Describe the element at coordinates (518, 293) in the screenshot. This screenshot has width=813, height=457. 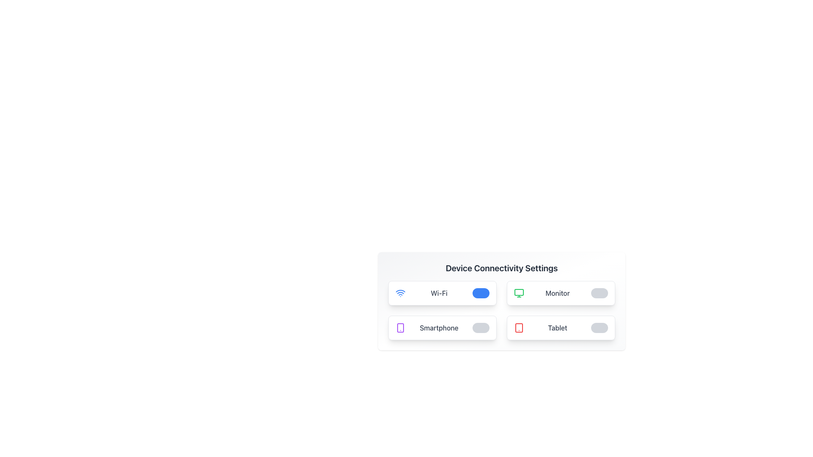
I see `the green computer monitor icon located in the 'Monitor' section of the Device Connectivity Settings interface` at that location.